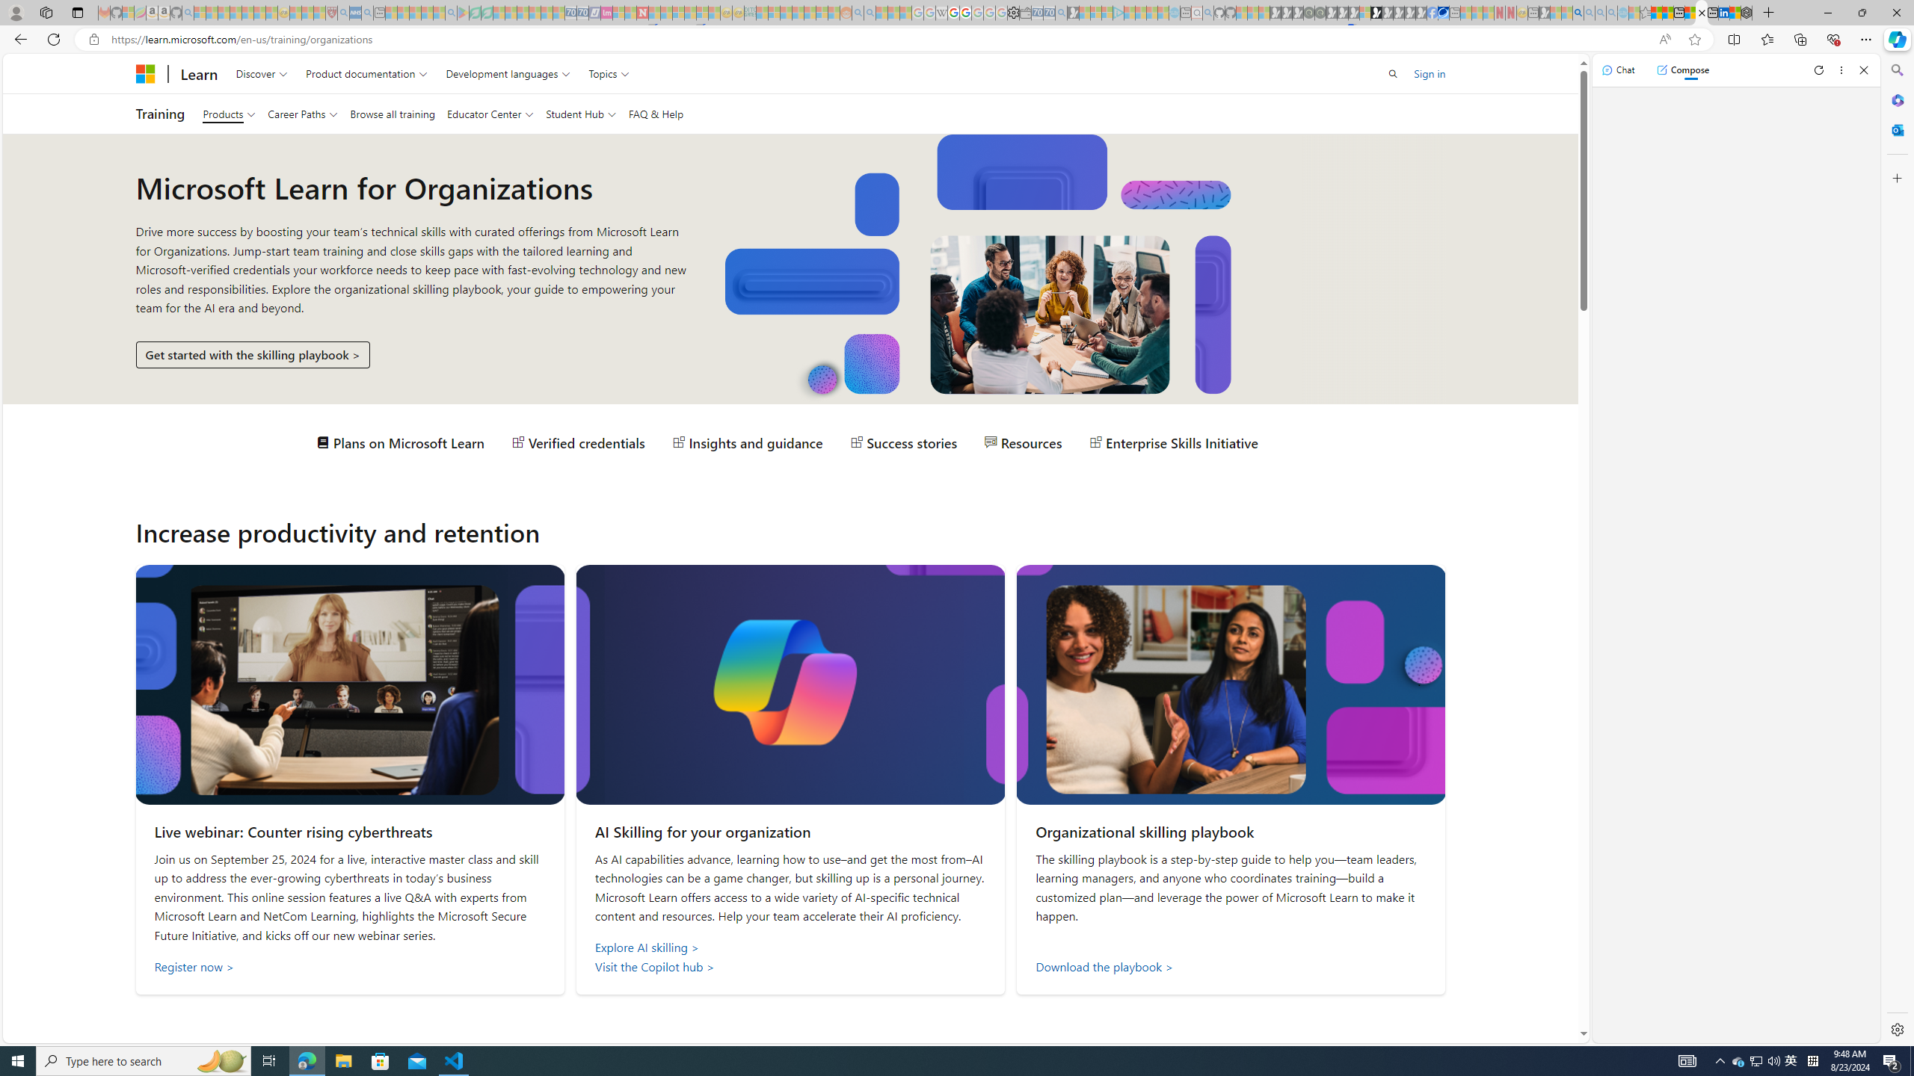 Image resolution: width=1914 pixels, height=1076 pixels. Describe the element at coordinates (747, 442) in the screenshot. I see `'Insights and guidance'` at that location.